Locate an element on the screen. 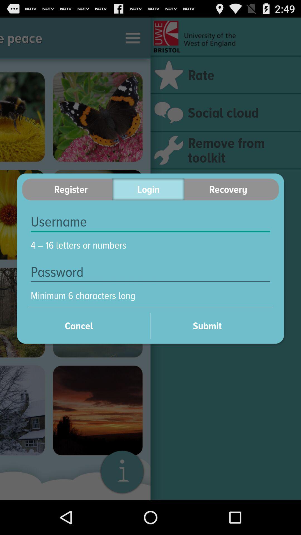 Image resolution: width=301 pixels, height=535 pixels. cancel is located at coordinates (86, 326).